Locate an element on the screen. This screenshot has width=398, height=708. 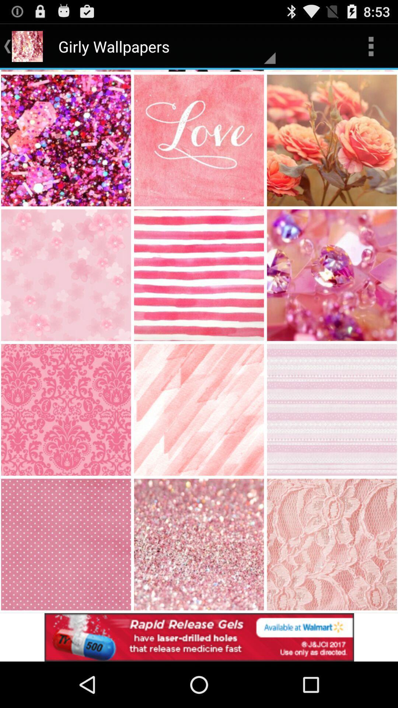
open advertisement is located at coordinates (199, 637).